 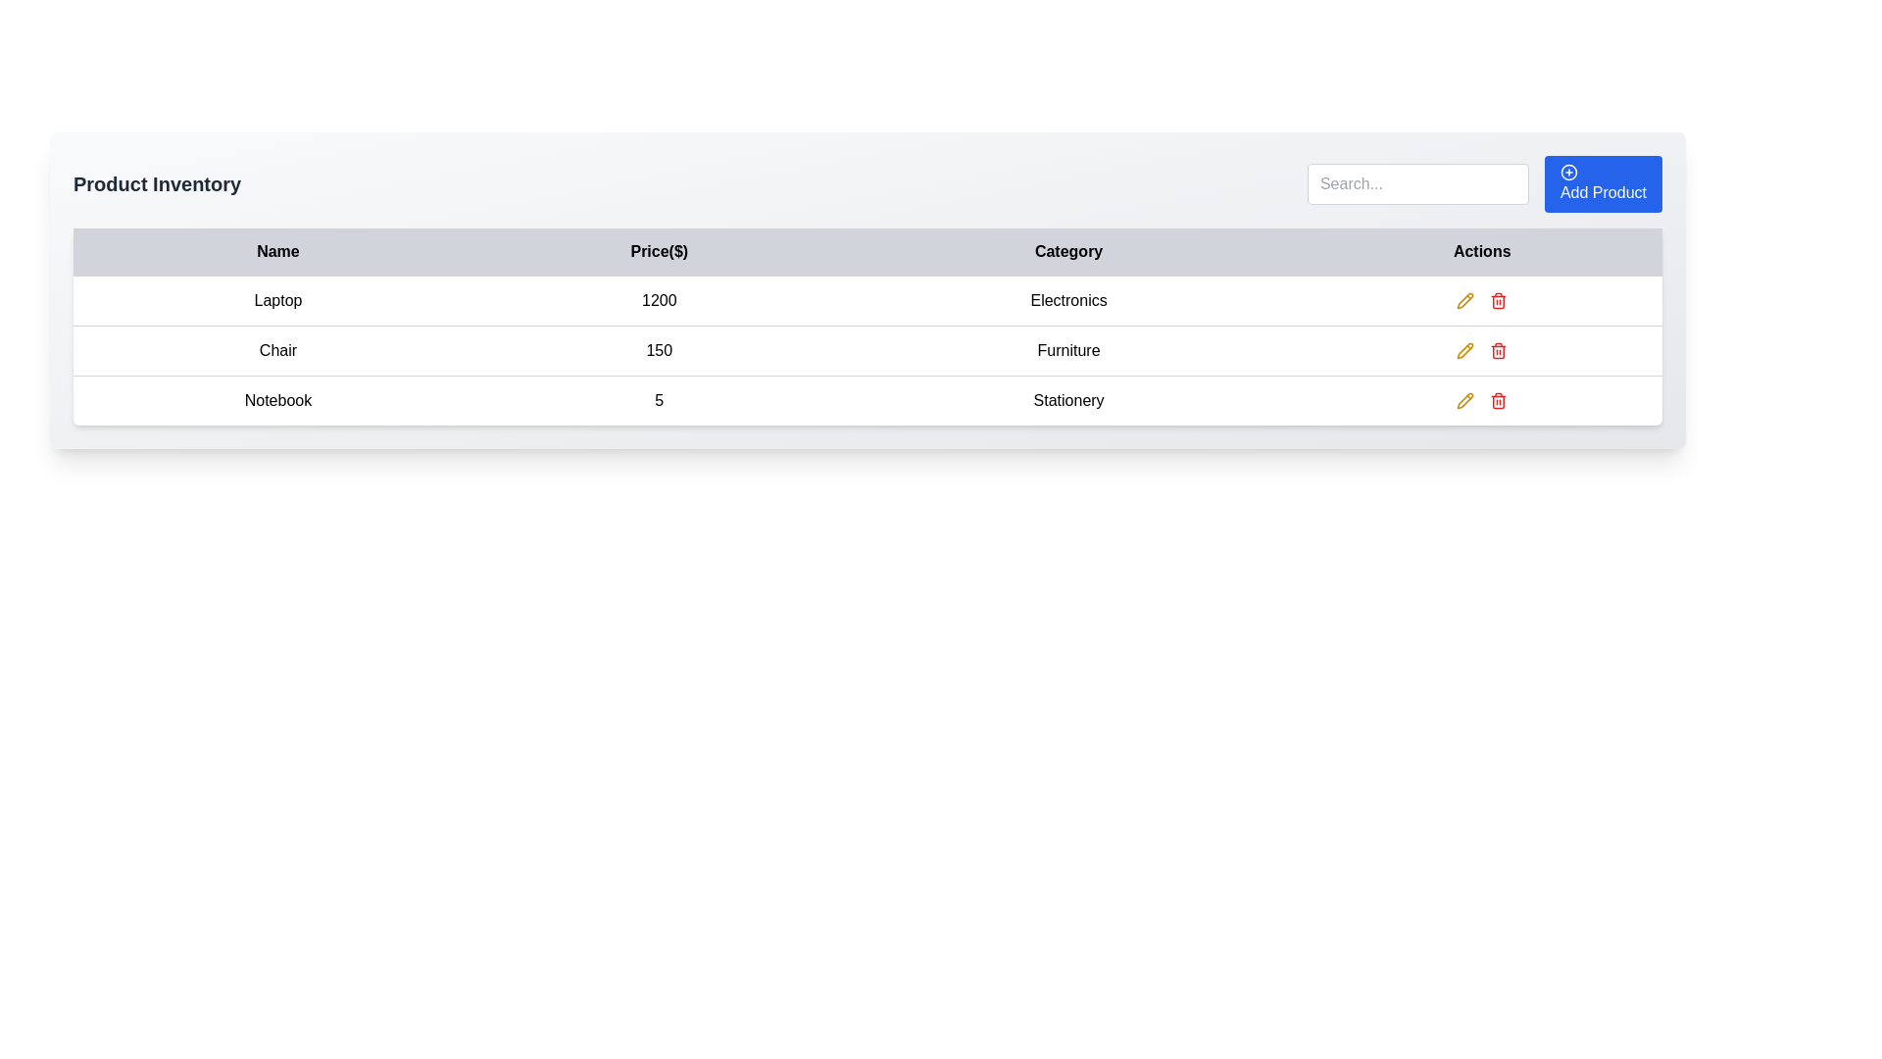 I want to click on the 'Delete' icon in the 'Actions' column of the third row in the table, so click(x=1498, y=401).